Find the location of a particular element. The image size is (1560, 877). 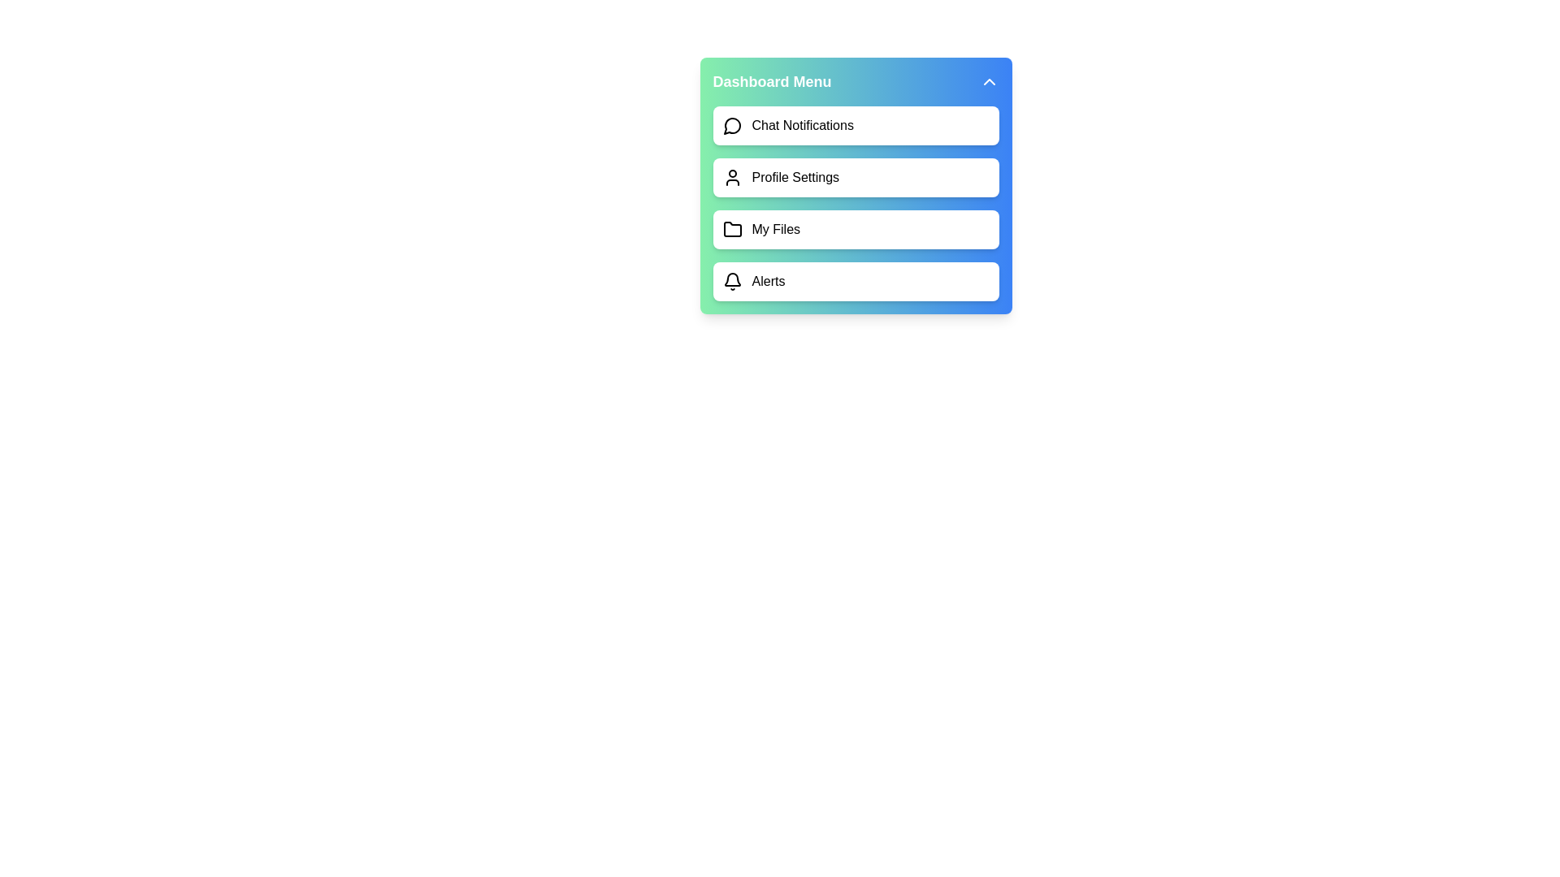

the icon corresponding to Chat Notifications is located at coordinates (731, 124).